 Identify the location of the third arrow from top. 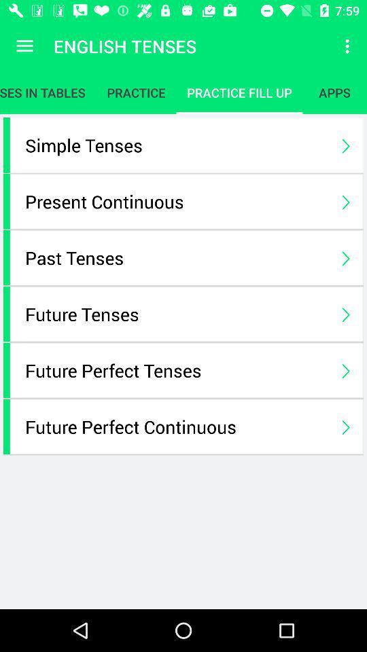
(345, 257).